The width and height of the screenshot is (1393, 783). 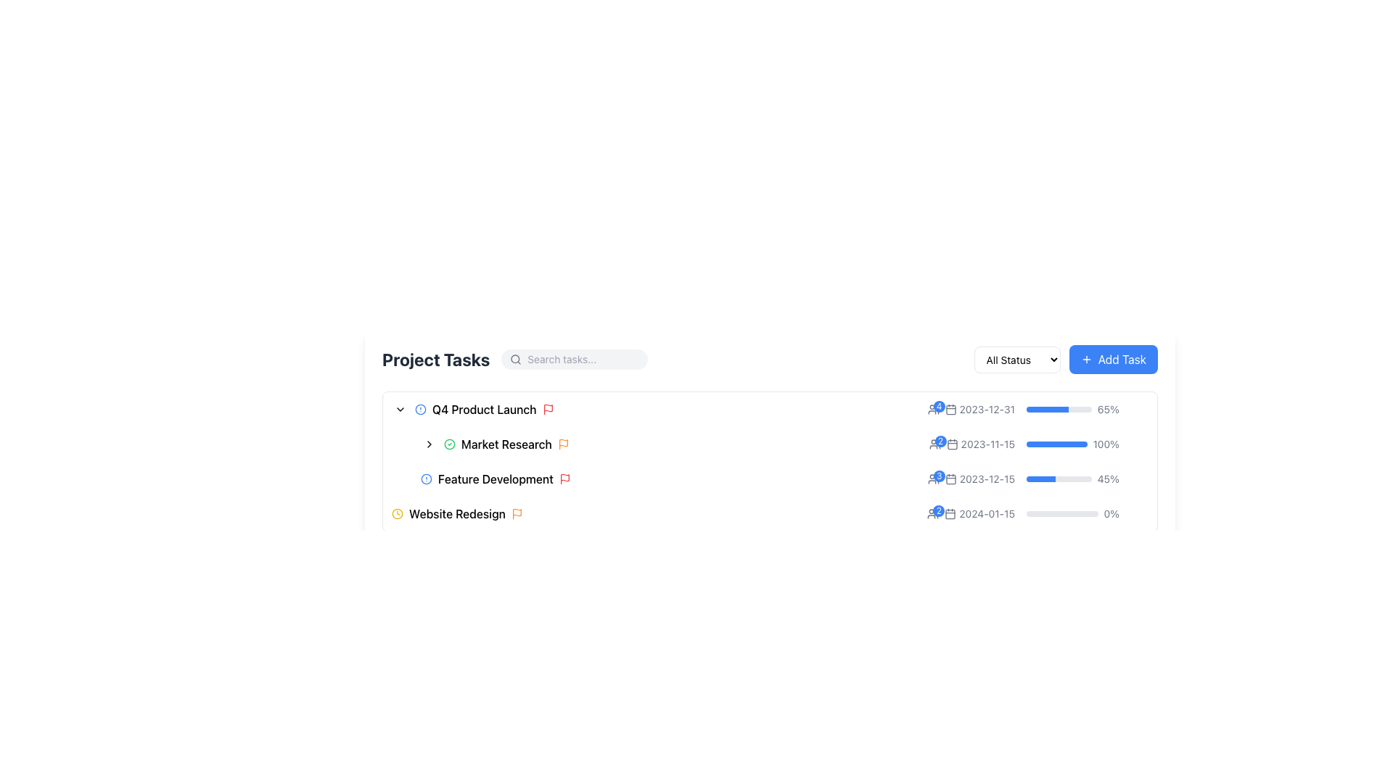 What do you see at coordinates (784, 478) in the screenshot?
I see `the third item in the task list titled 'Project Tasks', which includes the text 'Feature Development', a blue circular icon, a red flag icon, a calendar icon with the date '2023-12-15', and a progress bar at 45%` at bounding box center [784, 478].